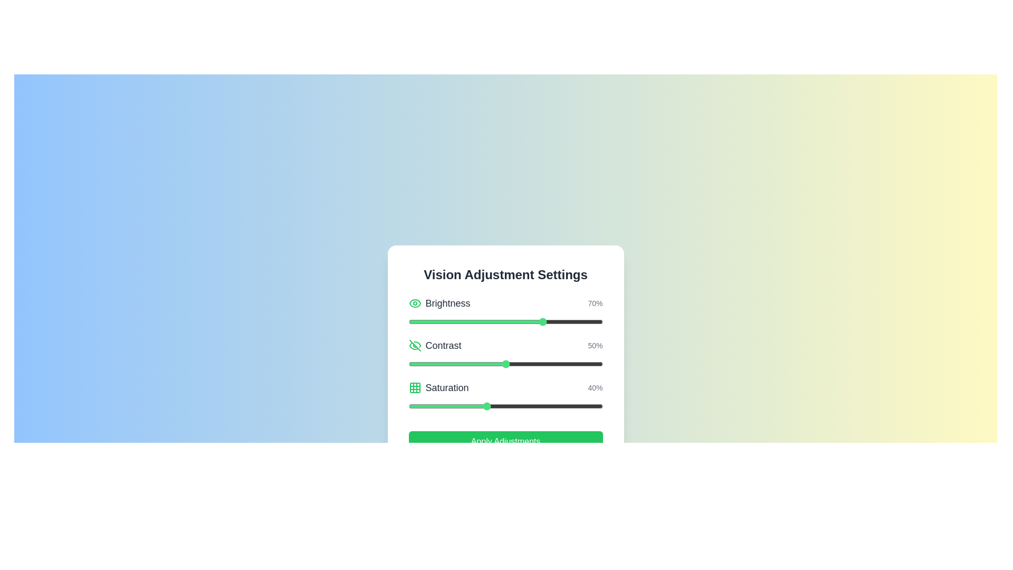  What do you see at coordinates (523, 406) in the screenshot?
I see `the saturation slider to set the saturation level to 59%` at bounding box center [523, 406].